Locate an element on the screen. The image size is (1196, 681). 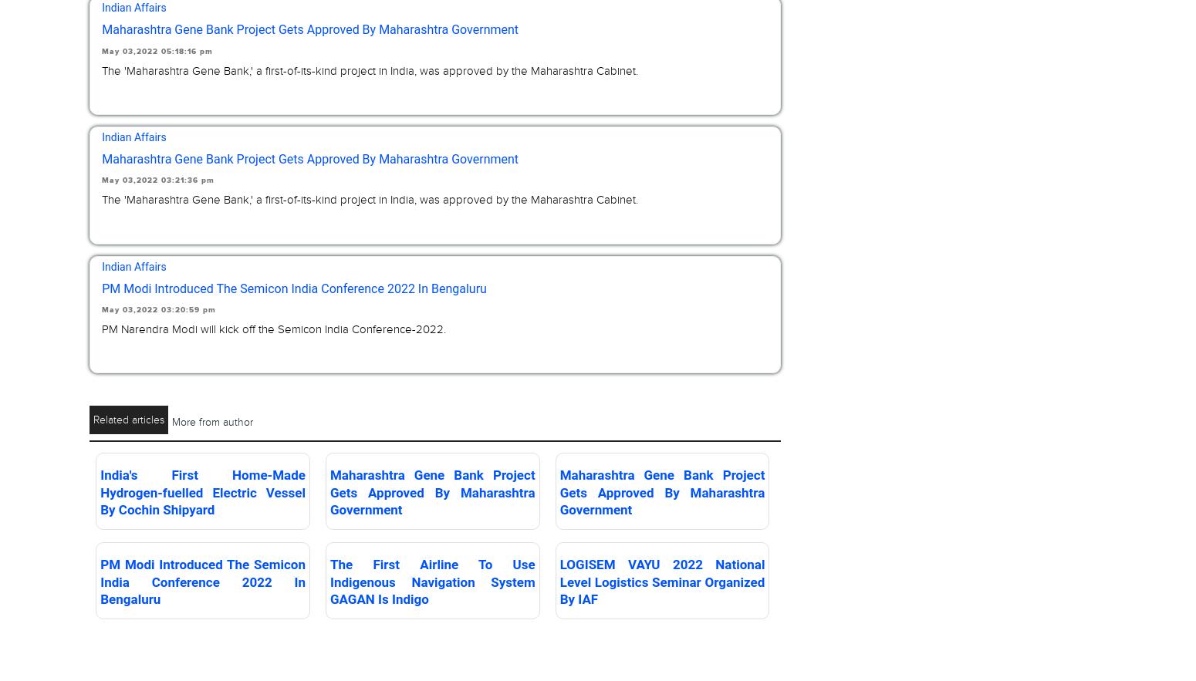
'PM Narendra Modi will kick off the Semicon India Conference-2022.' is located at coordinates (272, 328).